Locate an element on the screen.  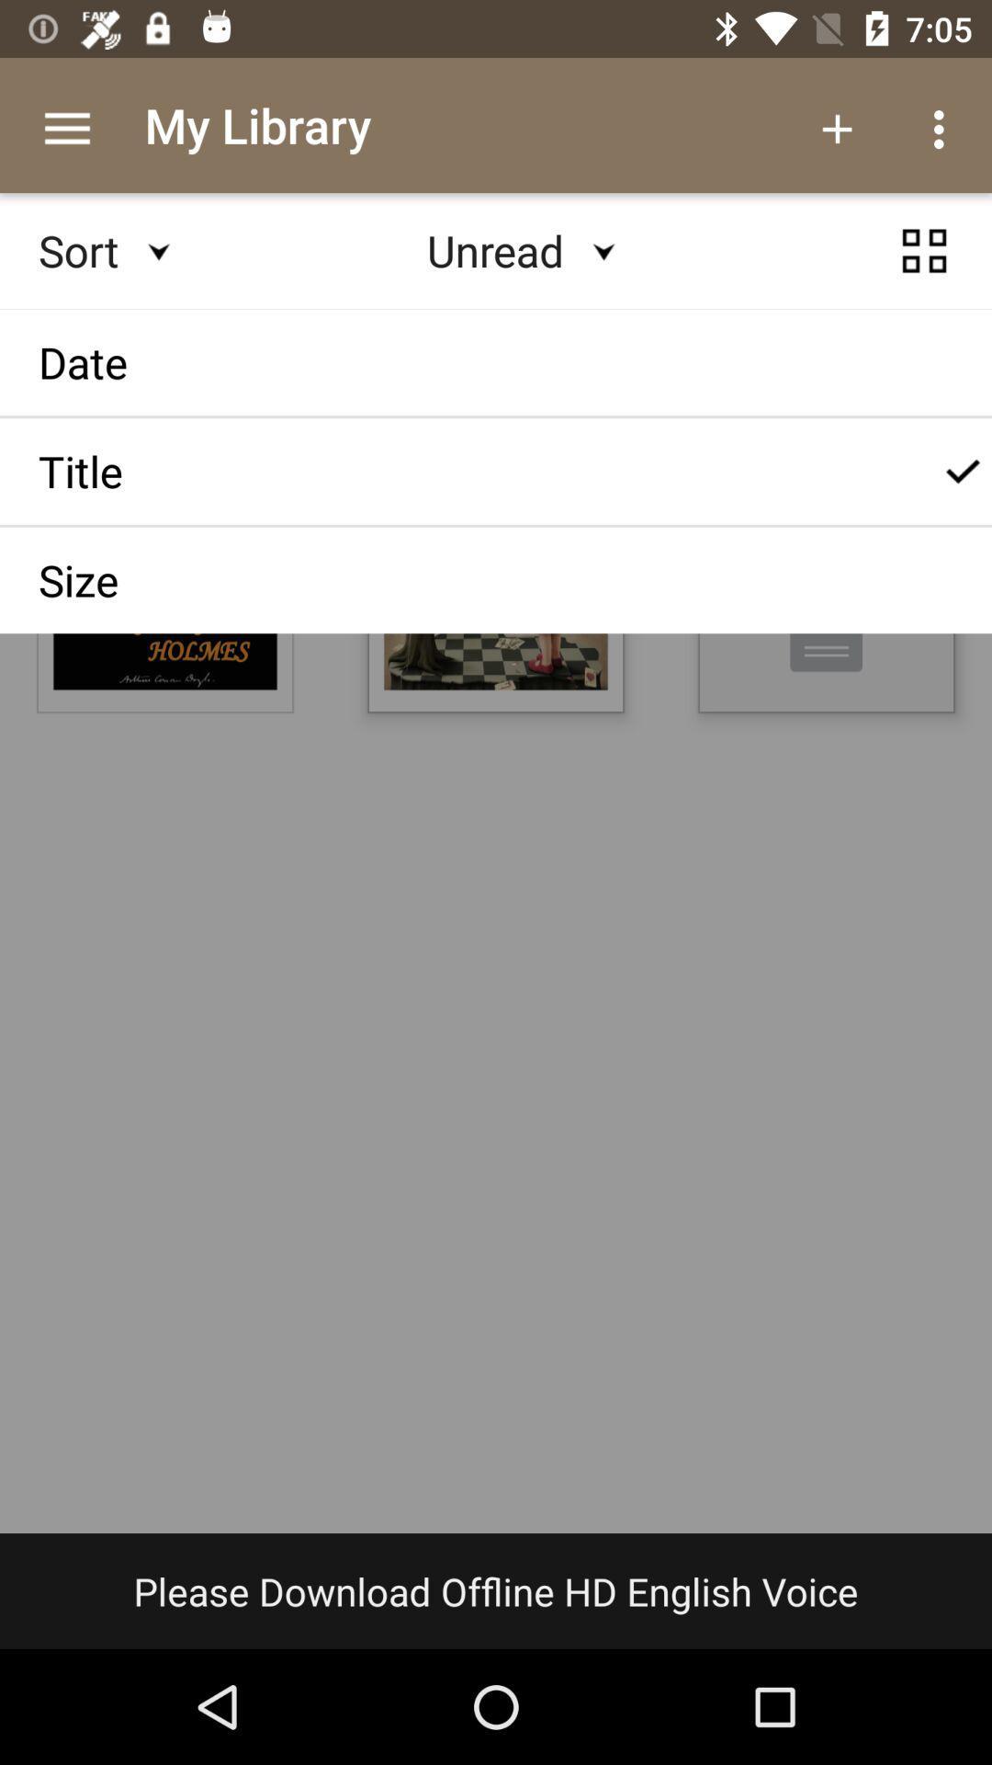
the dashboard icon is located at coordinates (924, 268).